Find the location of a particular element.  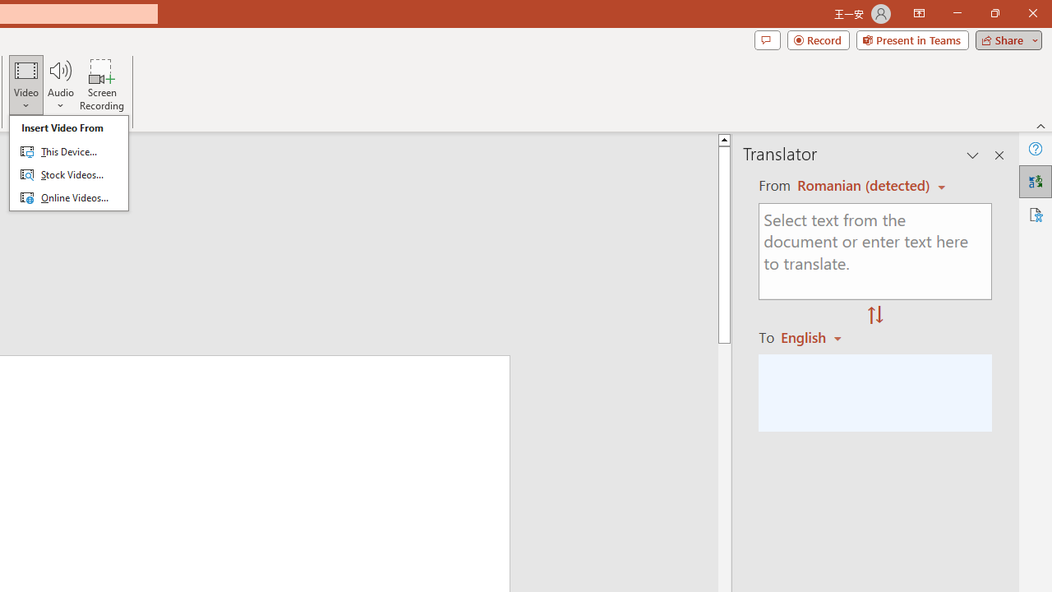

'Audio' is located at coordinates (60, 85).